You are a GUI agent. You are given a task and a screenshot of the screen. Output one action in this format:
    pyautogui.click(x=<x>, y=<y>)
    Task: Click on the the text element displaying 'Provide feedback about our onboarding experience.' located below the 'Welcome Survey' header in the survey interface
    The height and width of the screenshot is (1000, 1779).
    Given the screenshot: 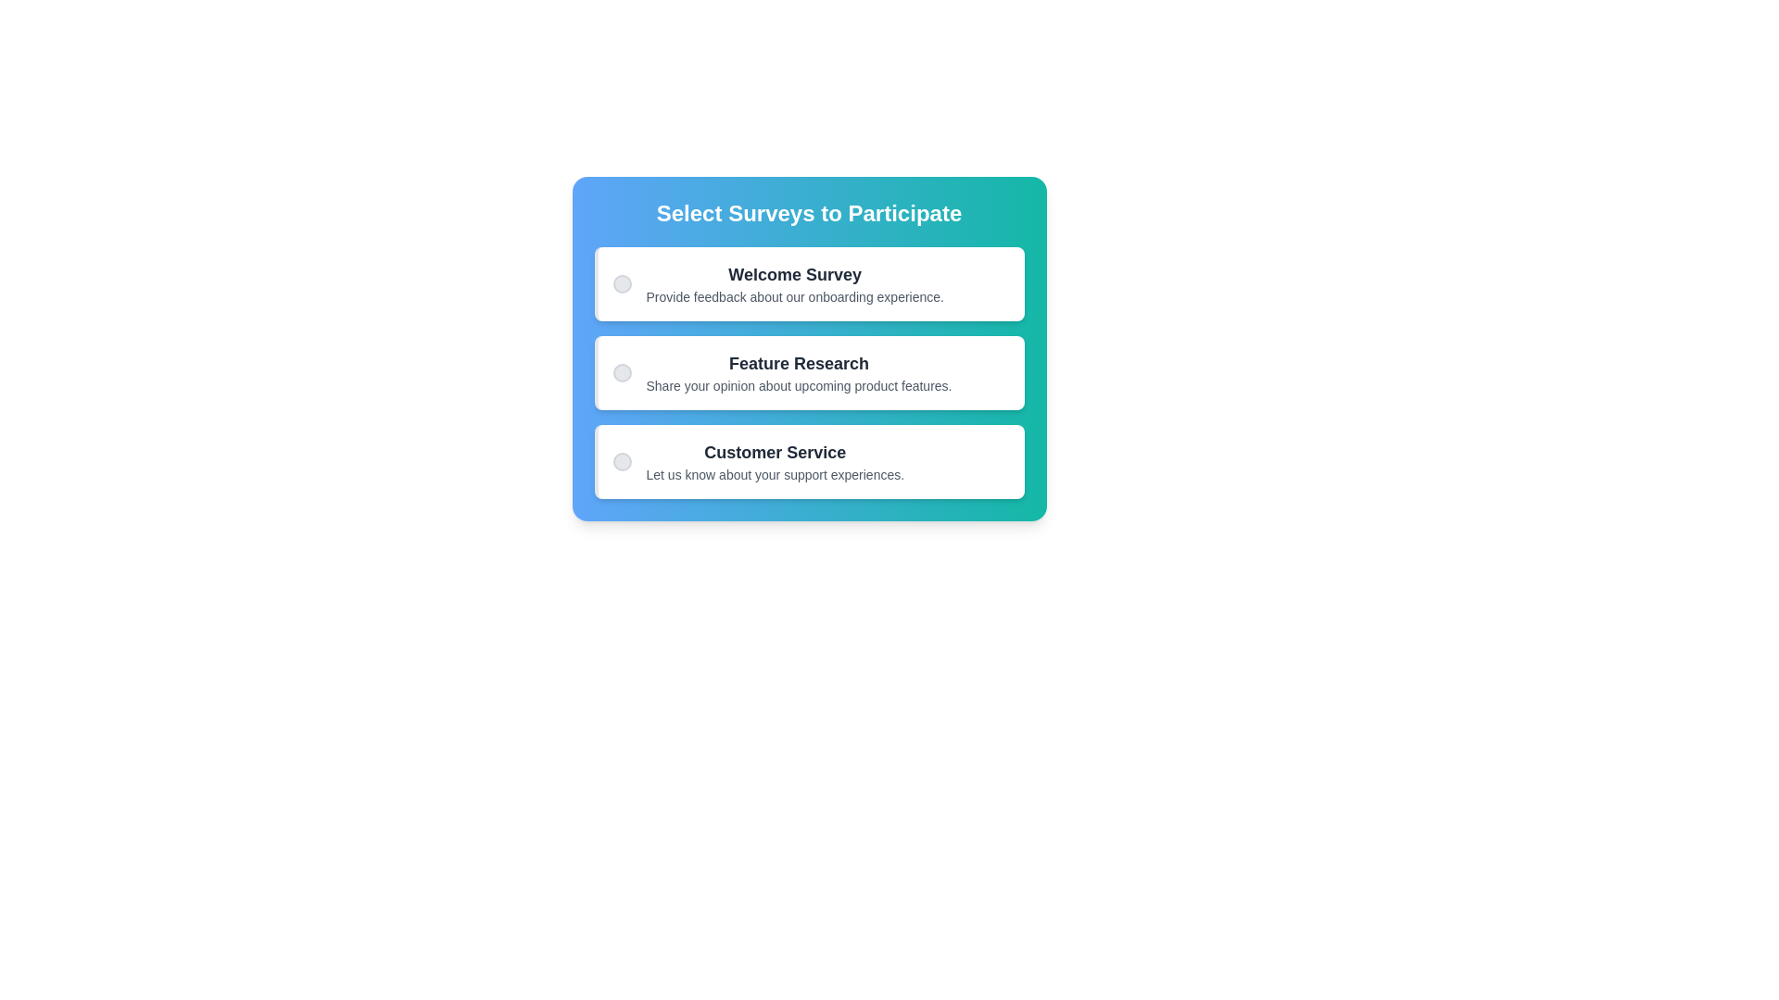 What is the action you would take?
    pyautogui.click(x=795, y=295)
    